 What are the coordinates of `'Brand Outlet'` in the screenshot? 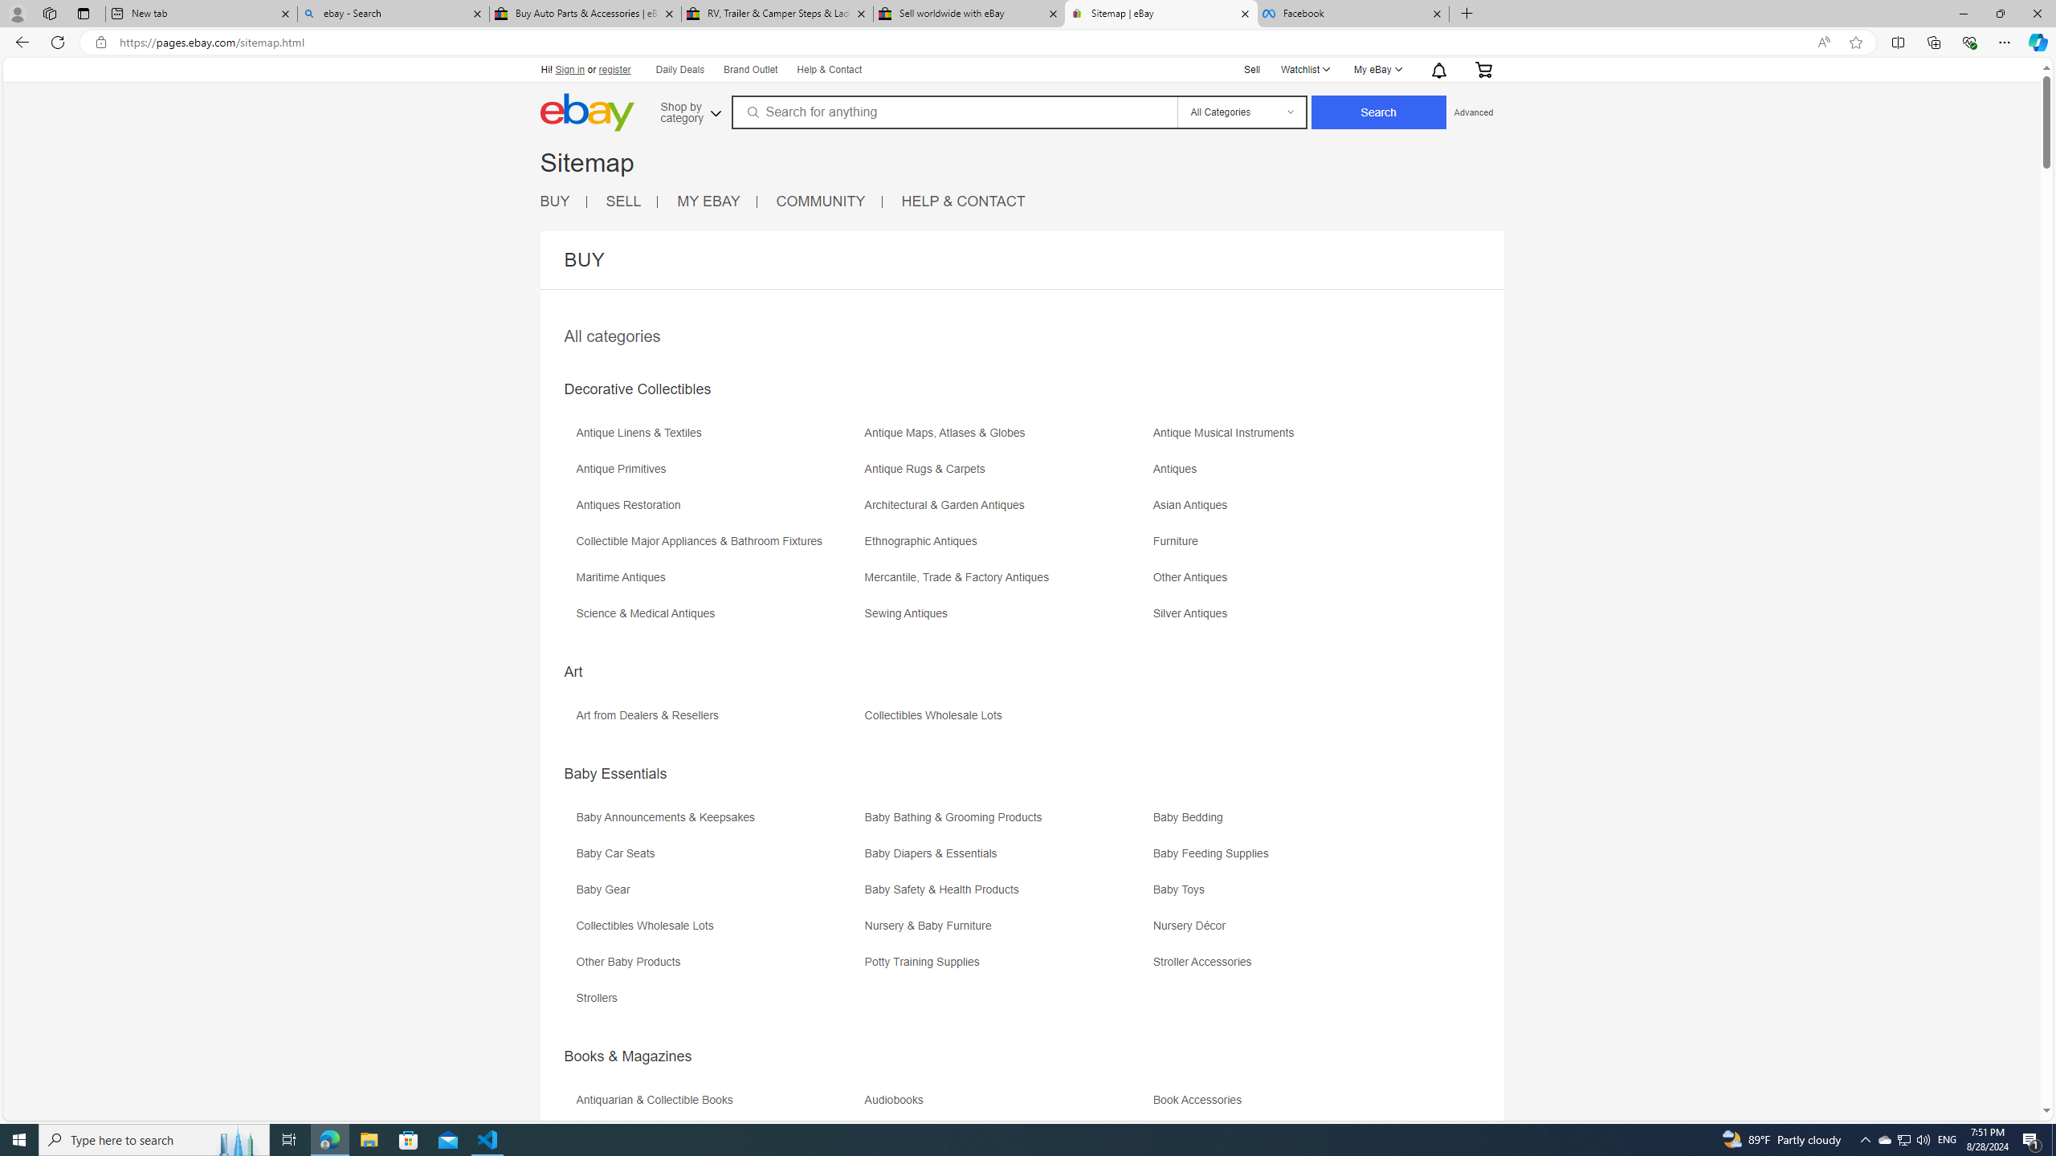 It's located at (750, 70).